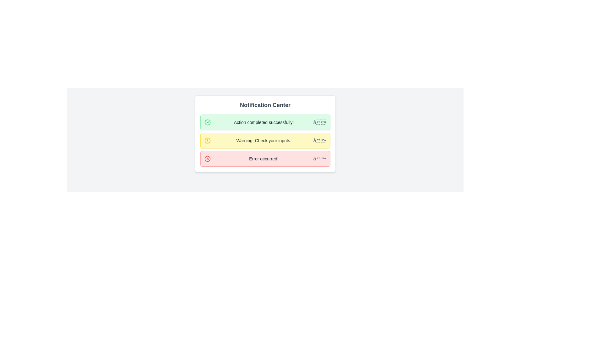  Describe the element at coordinates (264, 140) in the screenshot. I see `warning message text label that provides input validation information, centrally aligned within the yellow background panel in the middle notification panel of the notification center` at that location.